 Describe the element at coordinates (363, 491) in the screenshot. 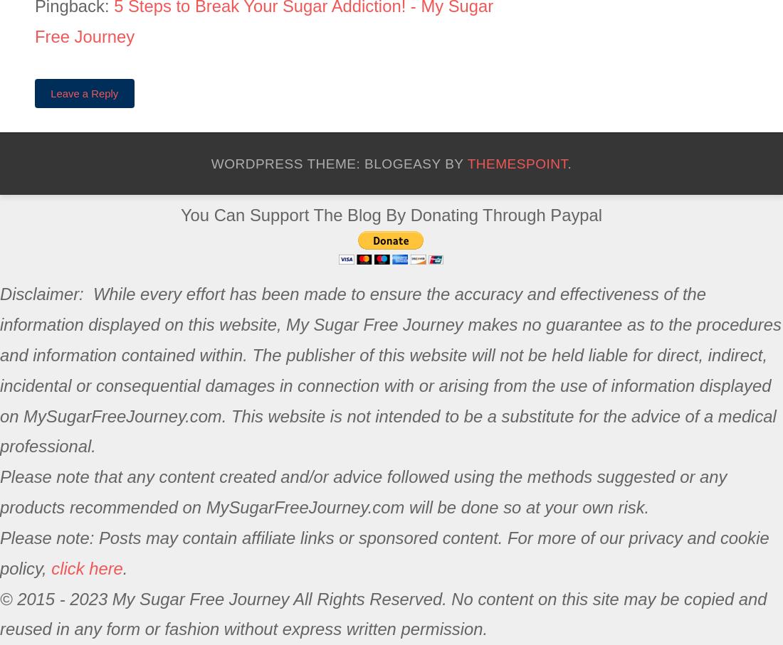

I see `'Please note that any content created and/or advice followed using the methods suggested or any products recommended on MySugarFreeJourney.com will be done so at your own risk.'` at that location.